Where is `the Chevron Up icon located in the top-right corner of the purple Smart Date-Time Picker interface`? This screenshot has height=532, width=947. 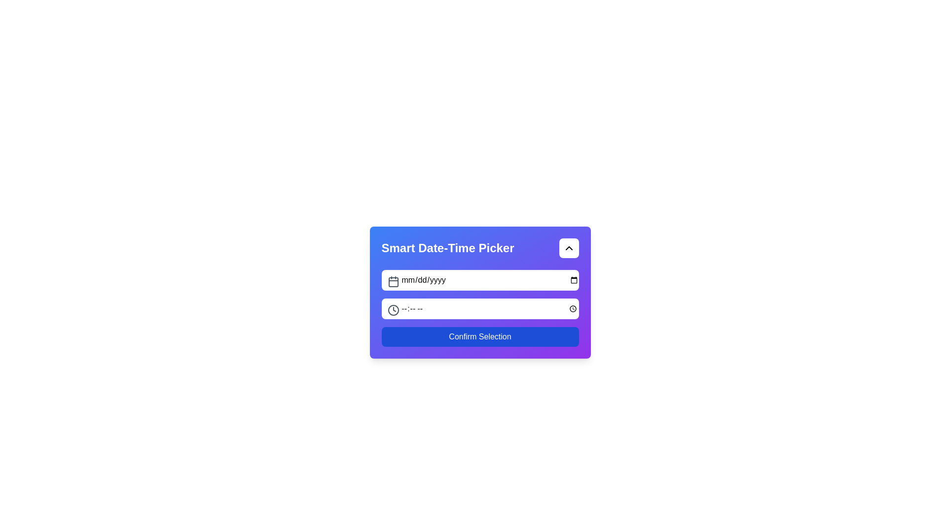
the Chevron Up icon located in the top-right corner of the purple Smart Date-Time Picker interface is located at coordinates (569, 248).